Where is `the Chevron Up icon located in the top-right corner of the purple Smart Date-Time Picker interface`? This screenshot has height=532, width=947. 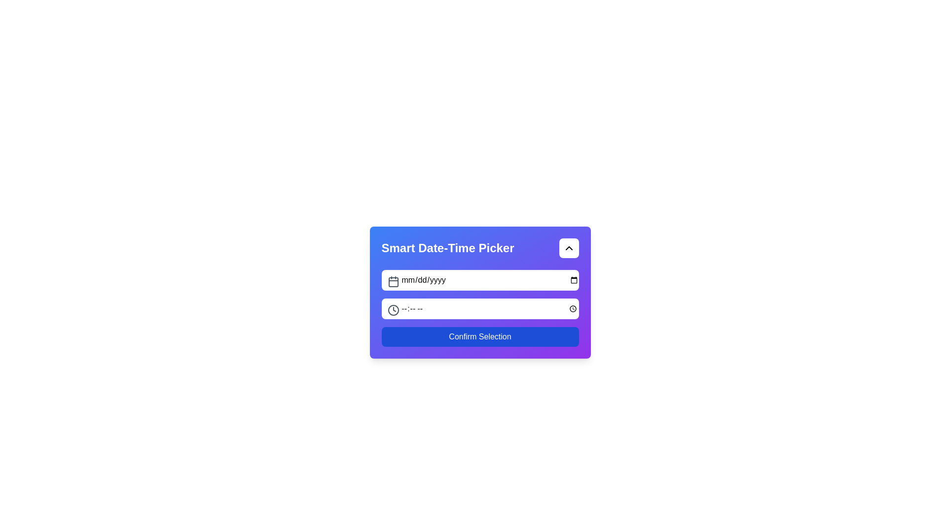
the Chevron Up icon located in the top-right corner of the purple Smart Date-Time Picker interface is located at coordinates (569, 248).